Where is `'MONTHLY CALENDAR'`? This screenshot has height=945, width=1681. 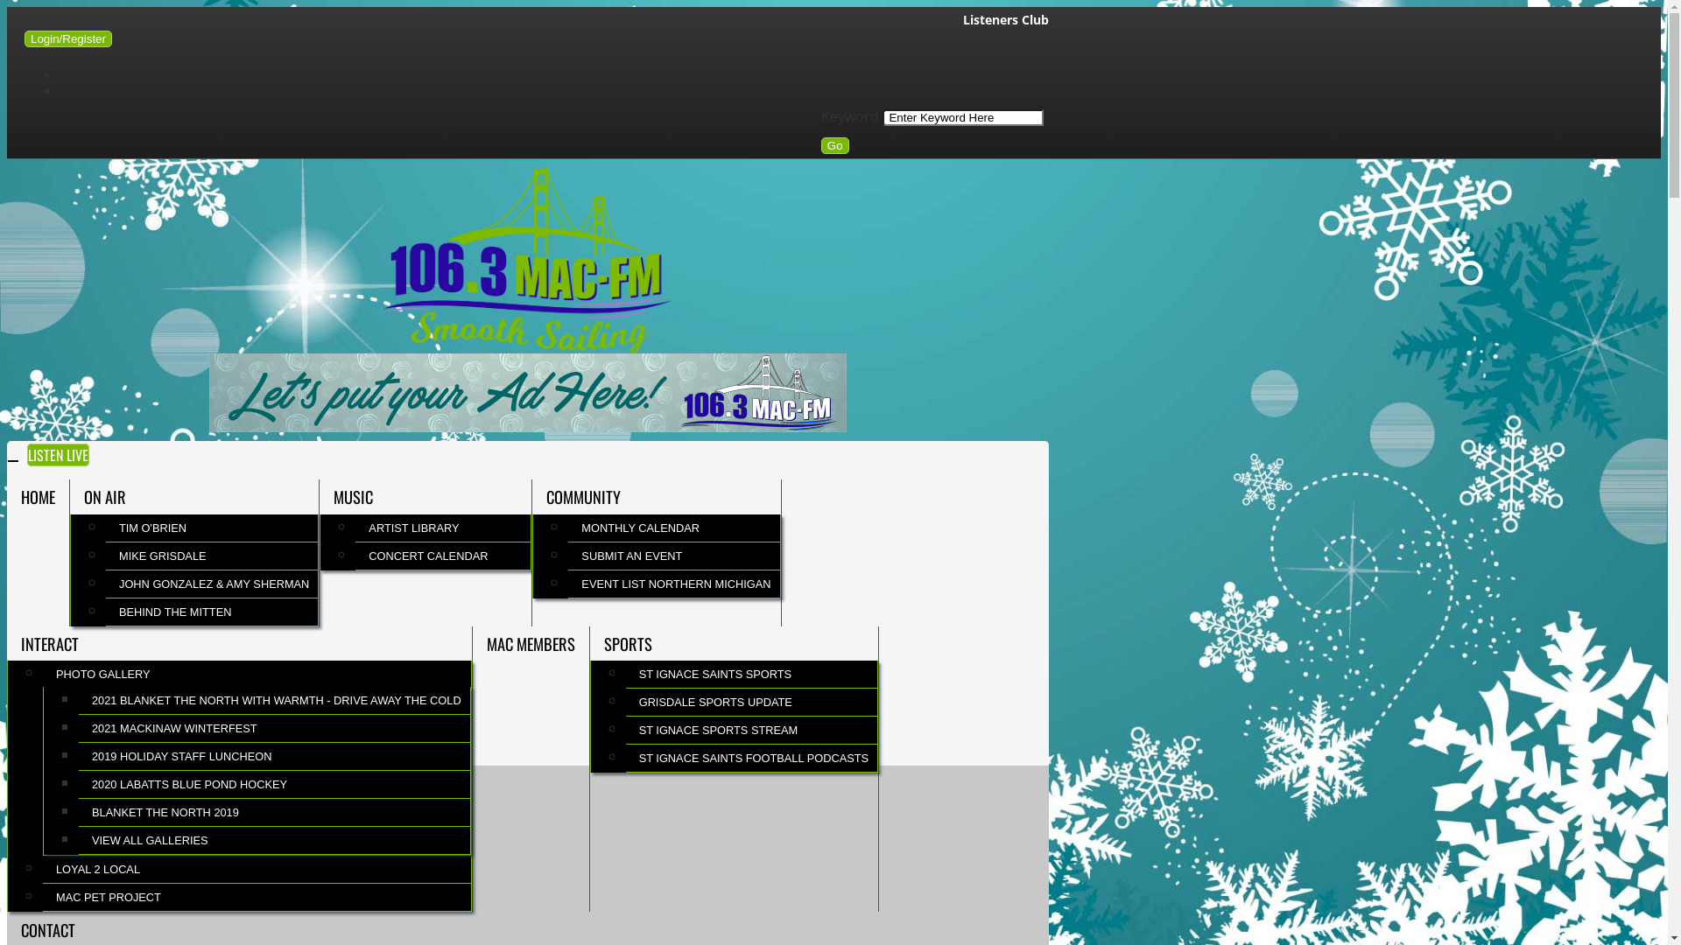
'MONTHLY CALENDAR' is located at coordinates (567, 527).